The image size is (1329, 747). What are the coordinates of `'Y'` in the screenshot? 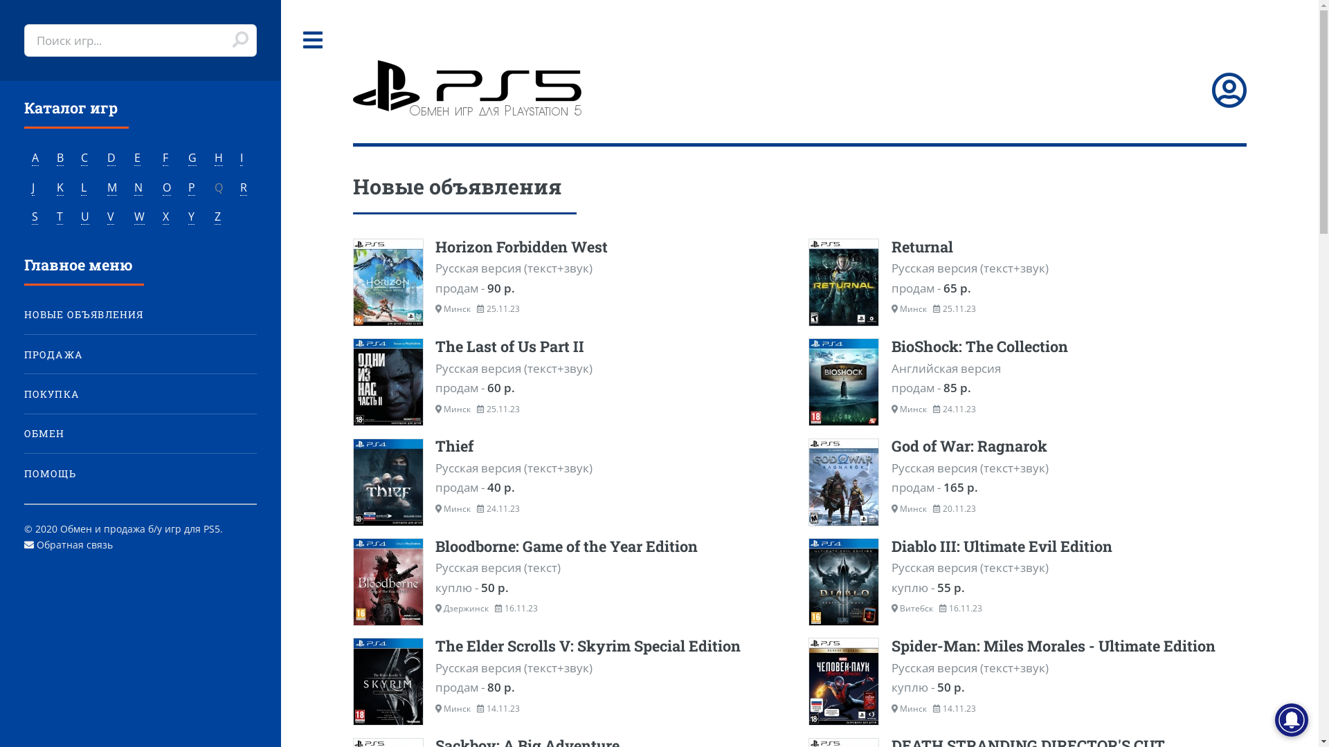 It's located at (188, 216).